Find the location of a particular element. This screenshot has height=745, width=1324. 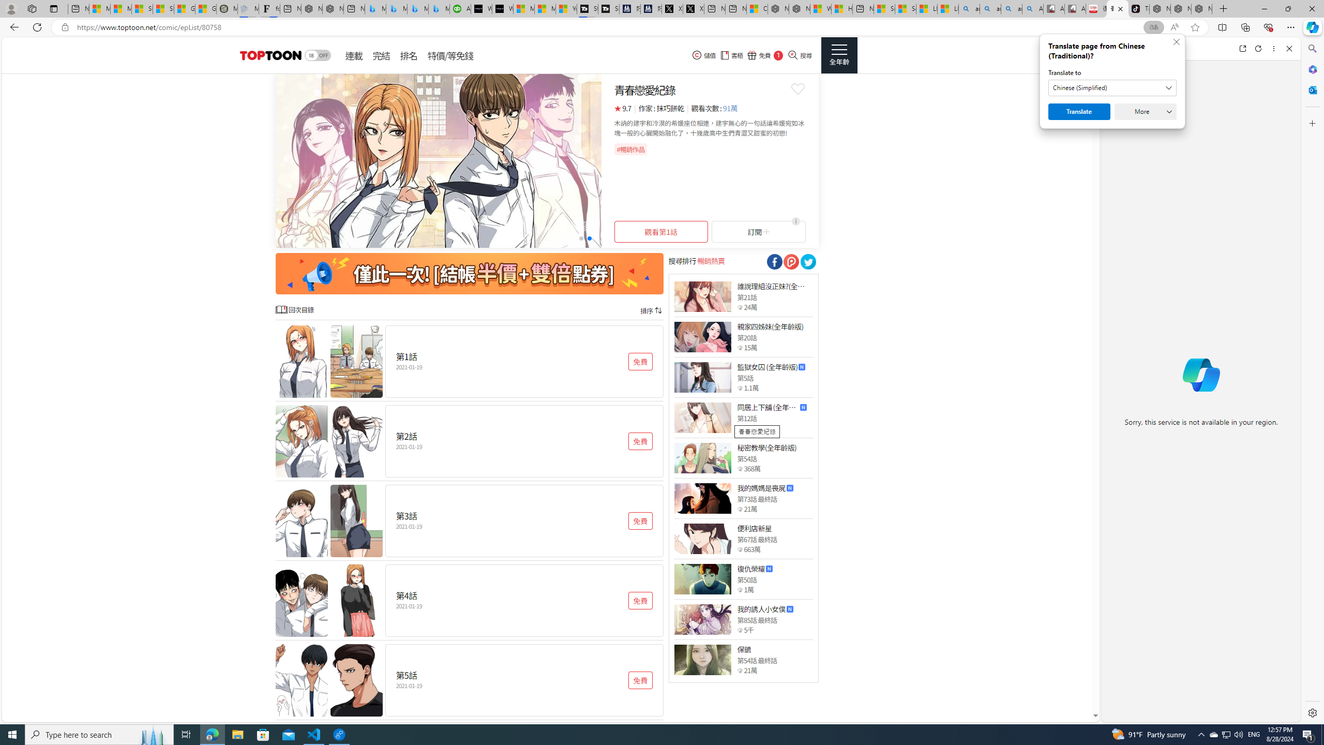

'Class: socialShare' is located at coordinates (807, 261).